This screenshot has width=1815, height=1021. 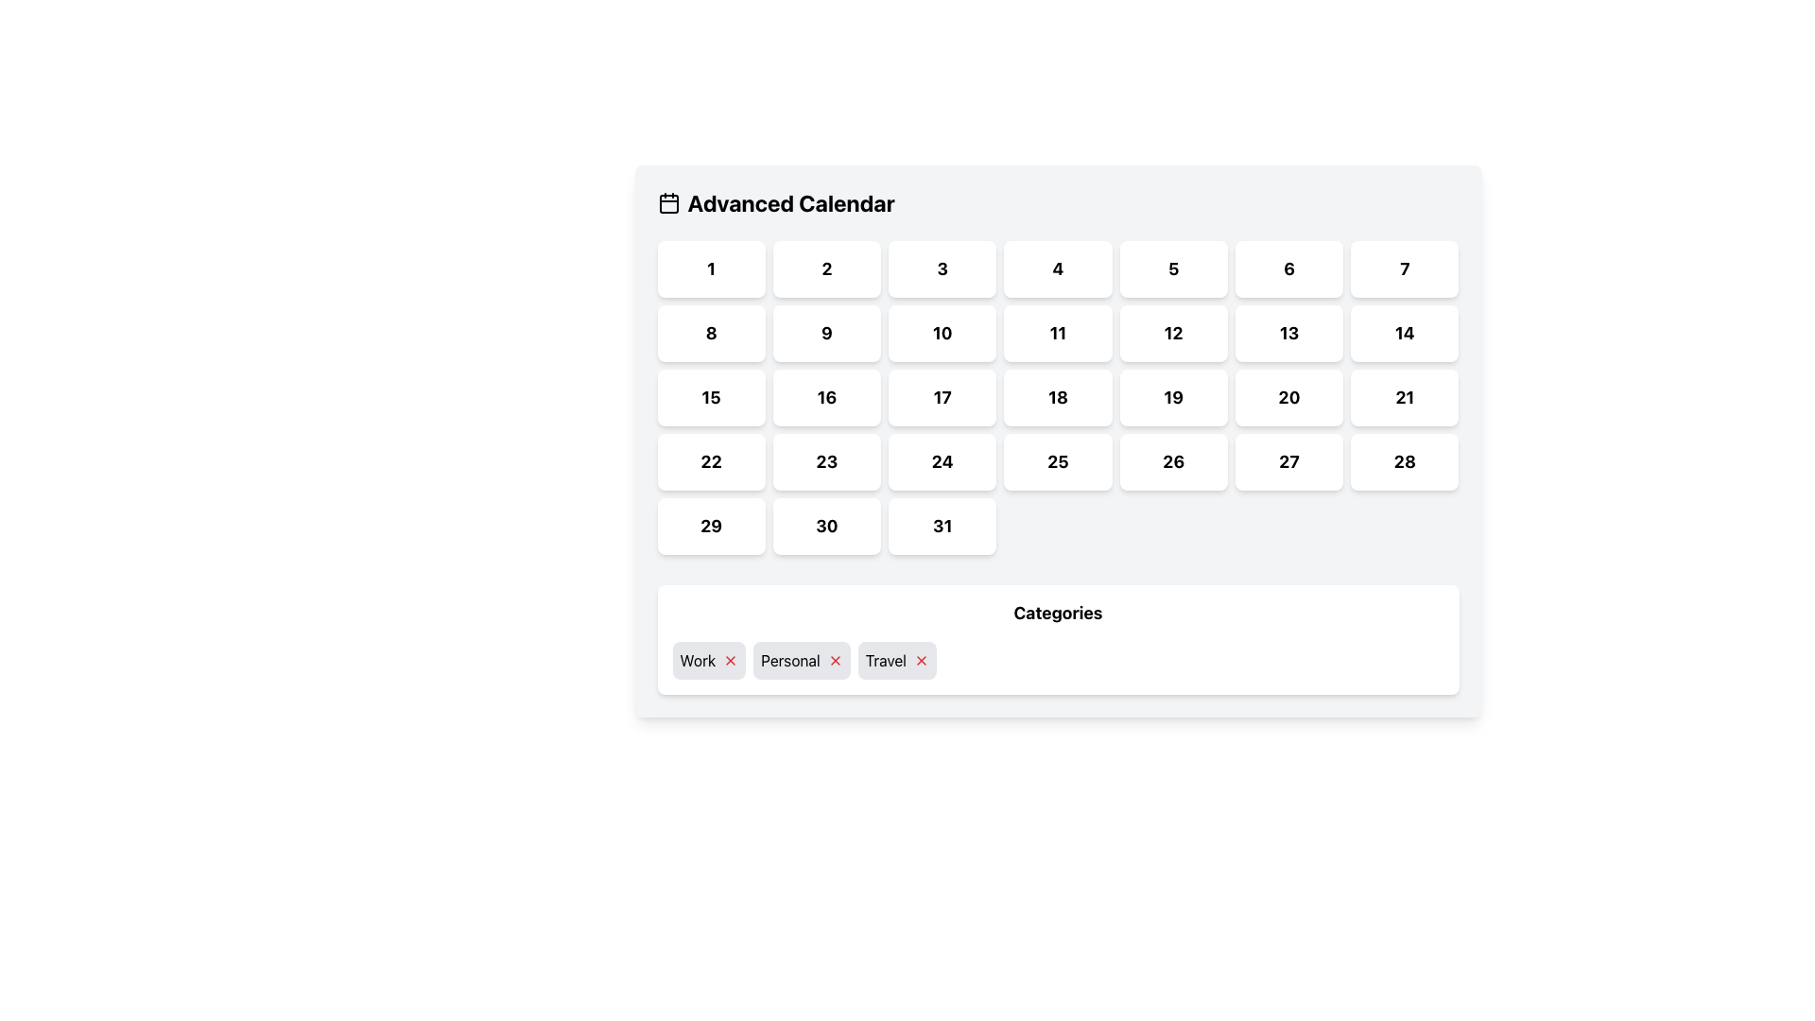 I want to click on the button displaying the number '17' in bold black text located in the third row and third column of the grid layout, so click(x=942, y=396).